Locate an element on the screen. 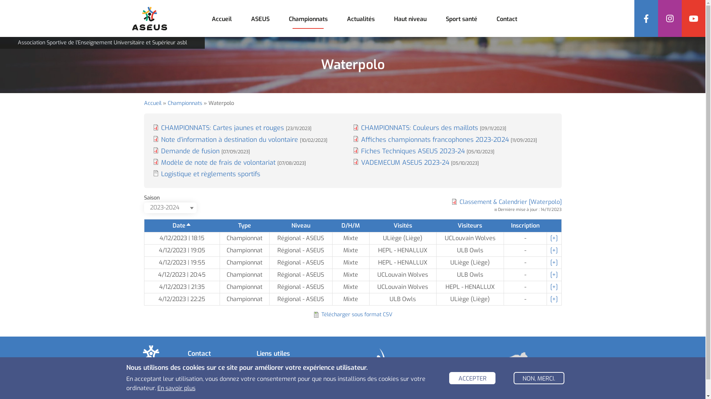  '[+]' is located at coordinates (554, 286).